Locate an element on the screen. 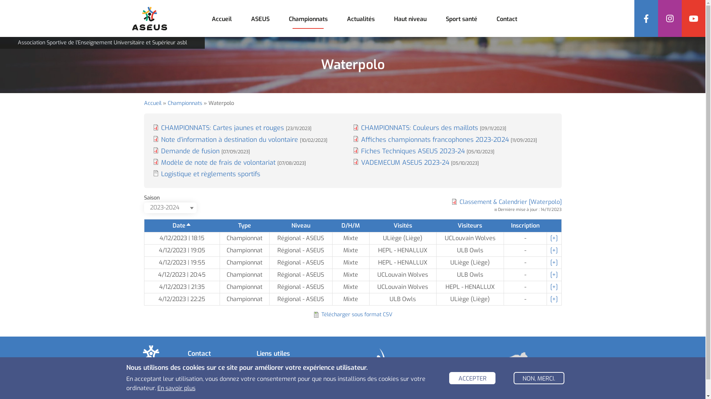  '[+]' is located at coordinates (554, 286).